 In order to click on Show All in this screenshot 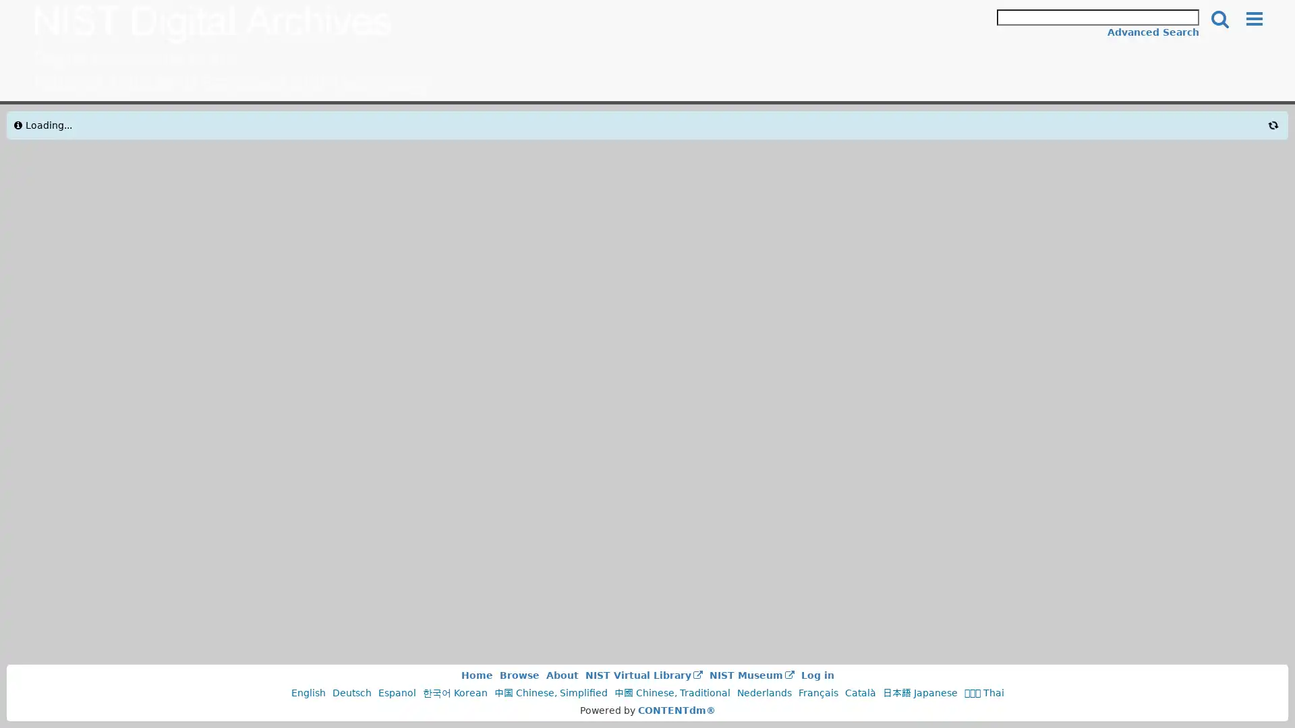, I will do `click(163, 293)`.